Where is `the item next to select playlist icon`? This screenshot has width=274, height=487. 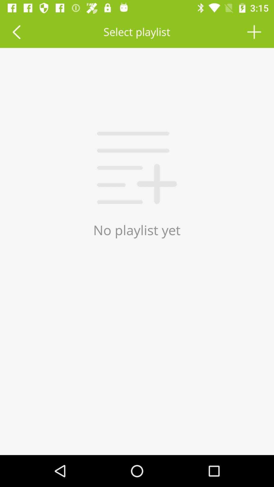
the item next to select playlist icon is located at coordinates (16, 31).